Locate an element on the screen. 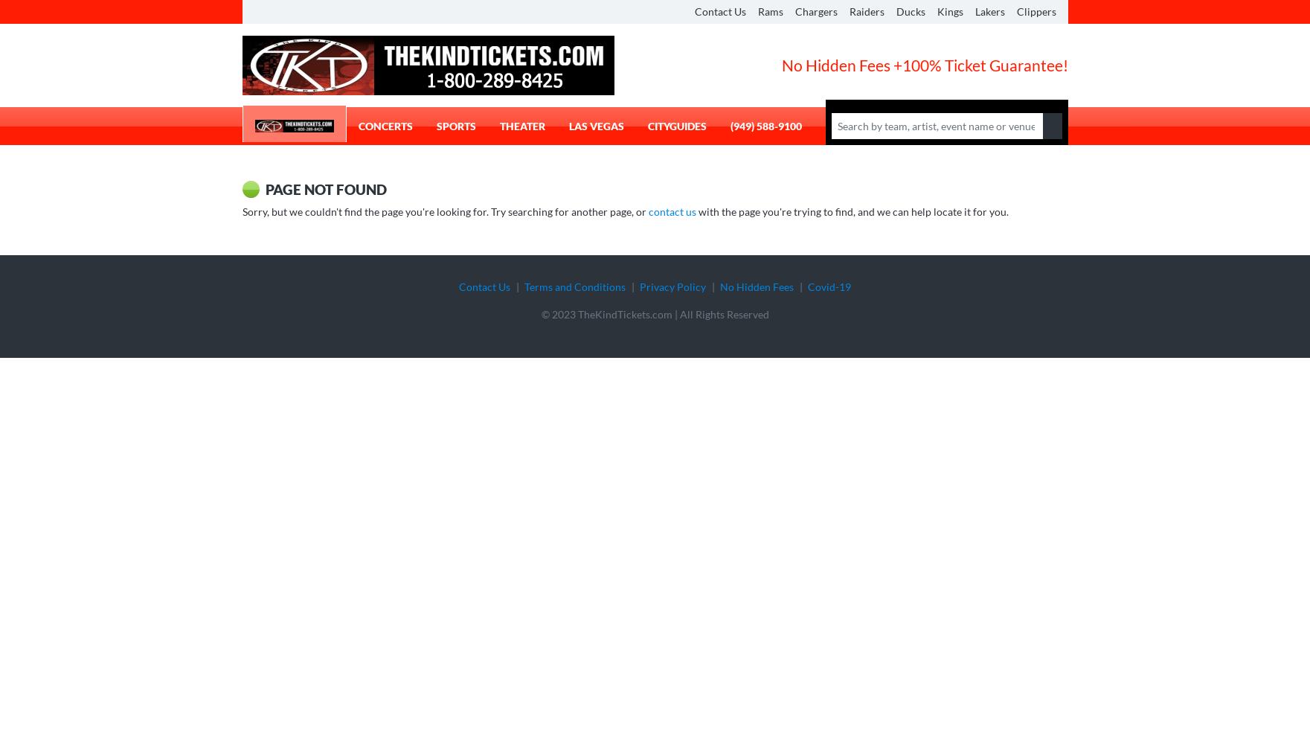 Image resolution: width=1310 pixels, height=744 pixels. 'Privacy Policy' is located at coordinates (672, 286).